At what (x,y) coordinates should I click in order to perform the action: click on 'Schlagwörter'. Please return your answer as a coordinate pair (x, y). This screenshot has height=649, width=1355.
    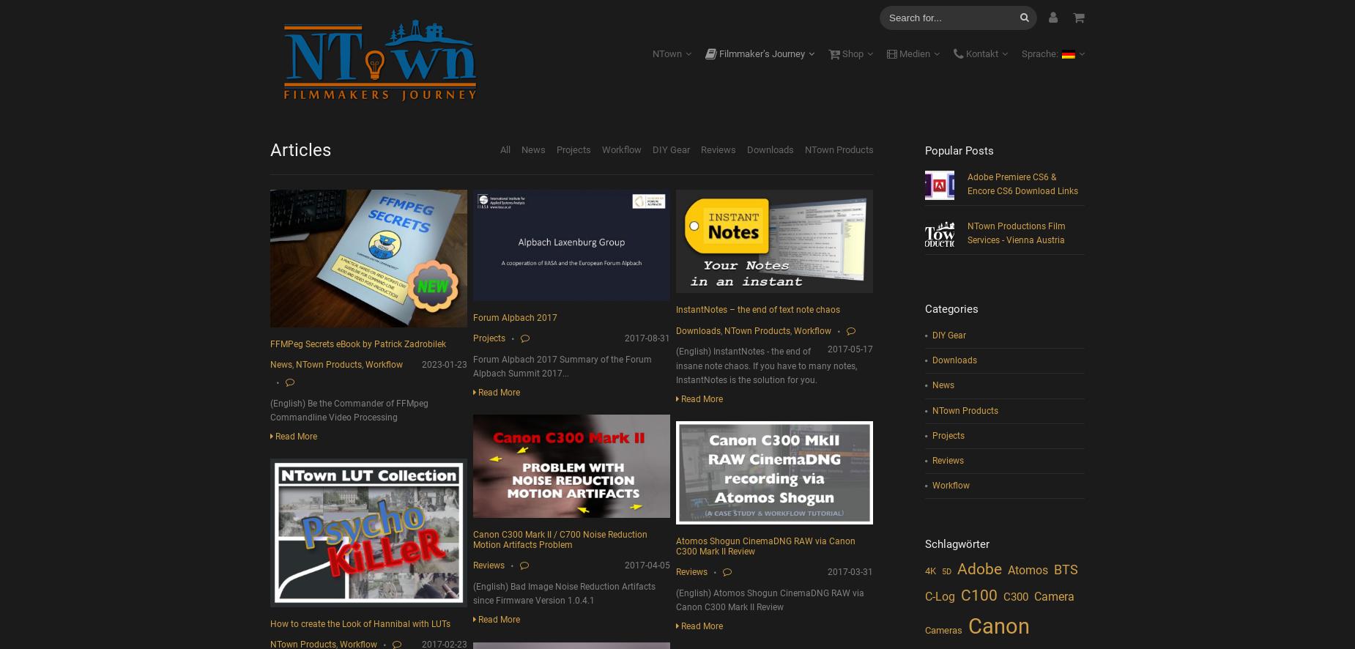
    Looking at the image, I should click on (955, 544).